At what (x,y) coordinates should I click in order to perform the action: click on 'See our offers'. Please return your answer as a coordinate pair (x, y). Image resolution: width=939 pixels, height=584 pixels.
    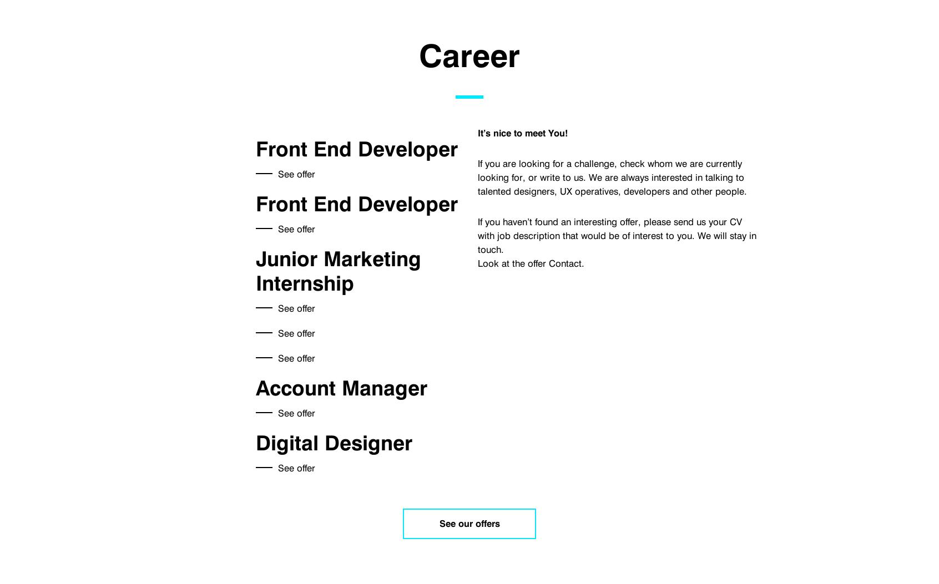
    Looking at the image, I should click on (439, 522).